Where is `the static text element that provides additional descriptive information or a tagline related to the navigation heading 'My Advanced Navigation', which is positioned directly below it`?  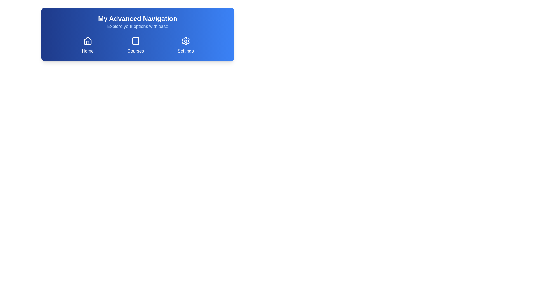
the static text element that provides additional descriptive information or a tagline related to the navigation heading 'My Advanced Navigation', which is positioned directly below it is located at coordinates (138, 27).